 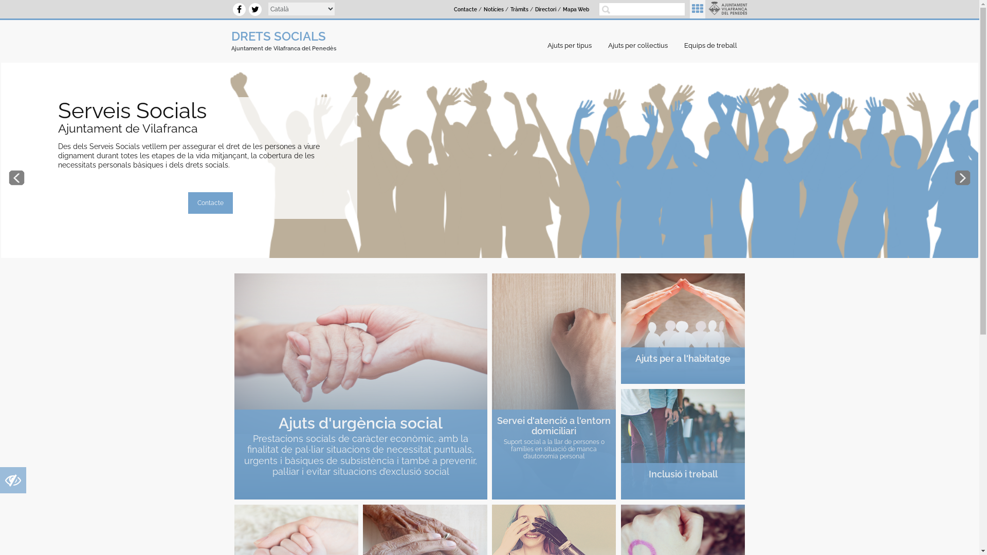 I want to click on 'Anterior', so click(x=16, y=177).